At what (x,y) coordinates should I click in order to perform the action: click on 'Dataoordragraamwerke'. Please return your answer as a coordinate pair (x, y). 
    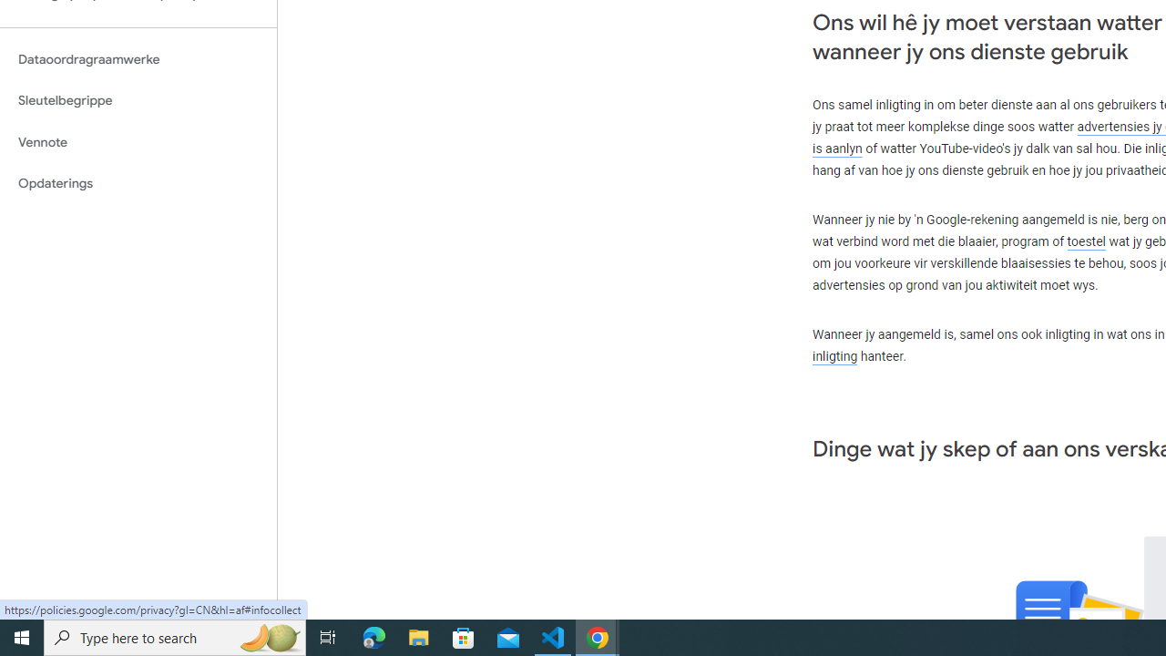
    Looking at the image, I should click on (138, 58).